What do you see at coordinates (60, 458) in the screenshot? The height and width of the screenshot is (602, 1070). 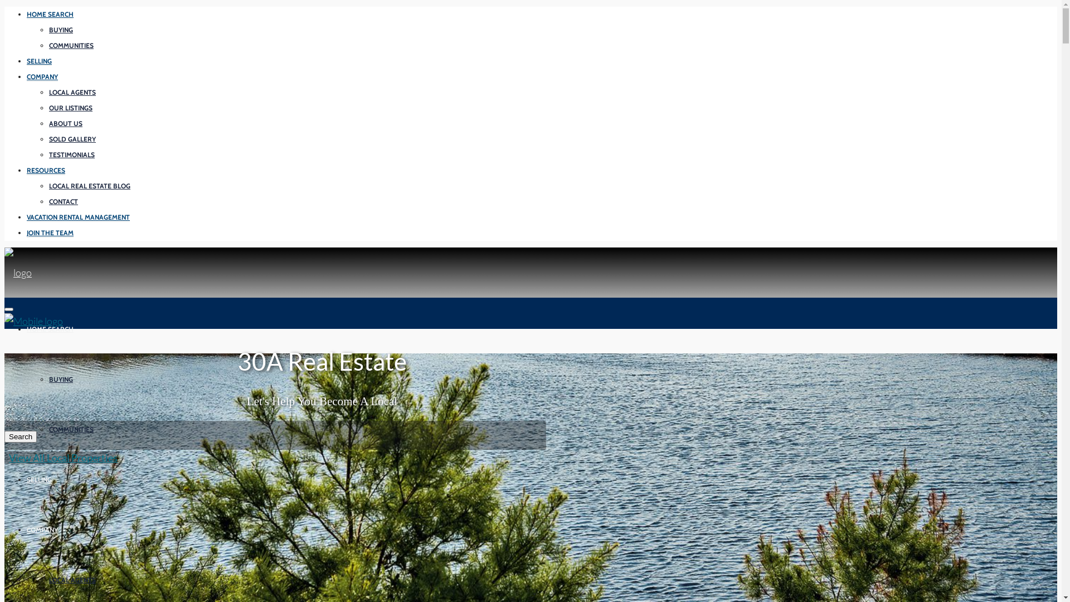 I see `'View All Local Properties'` at bounding box center [60, 458].